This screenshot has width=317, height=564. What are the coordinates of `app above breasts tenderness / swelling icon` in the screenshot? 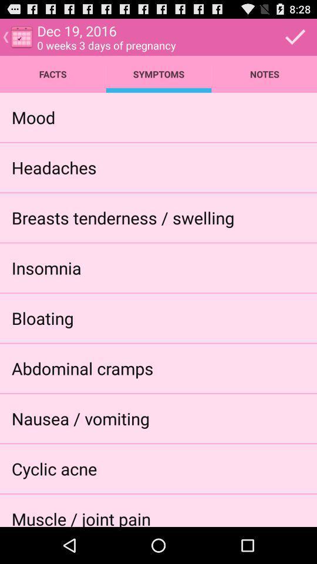 It's located at (53, 166).